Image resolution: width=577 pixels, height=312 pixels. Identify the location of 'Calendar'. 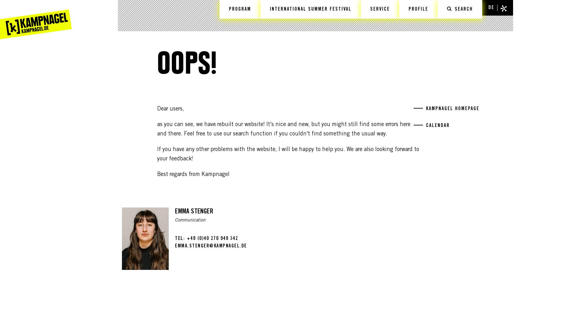
(426, 126).